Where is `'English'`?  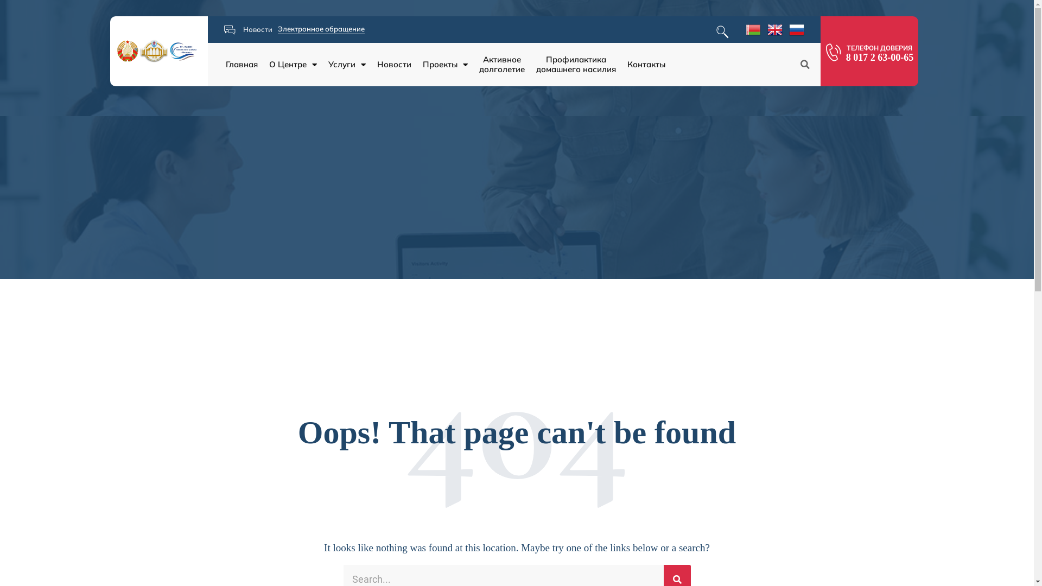 'English' is located at coordinates (774, 28).